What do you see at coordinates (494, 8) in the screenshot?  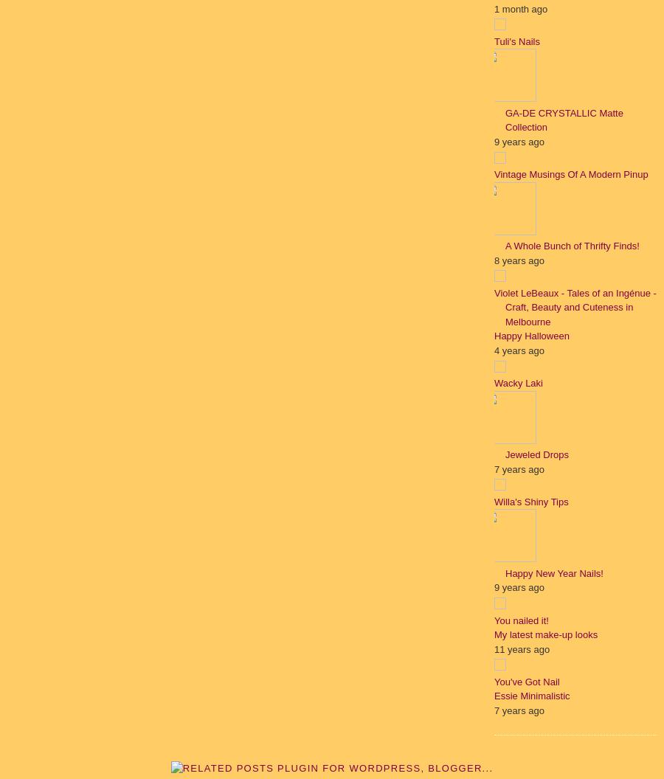 I see `'1 month ago'` at bounding box center [494, 8].